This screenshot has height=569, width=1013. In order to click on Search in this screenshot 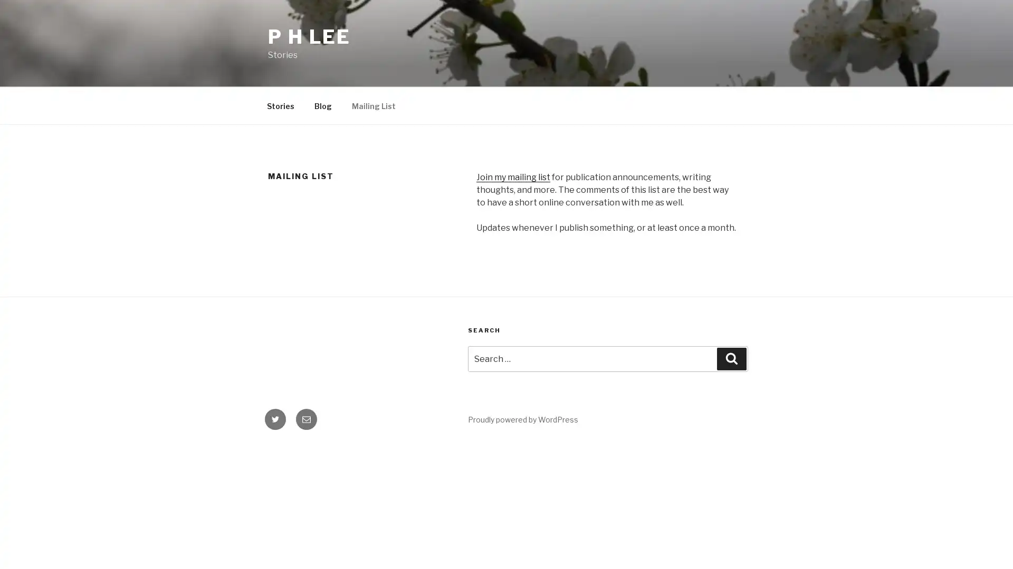, I will do `click(731, 358)`.